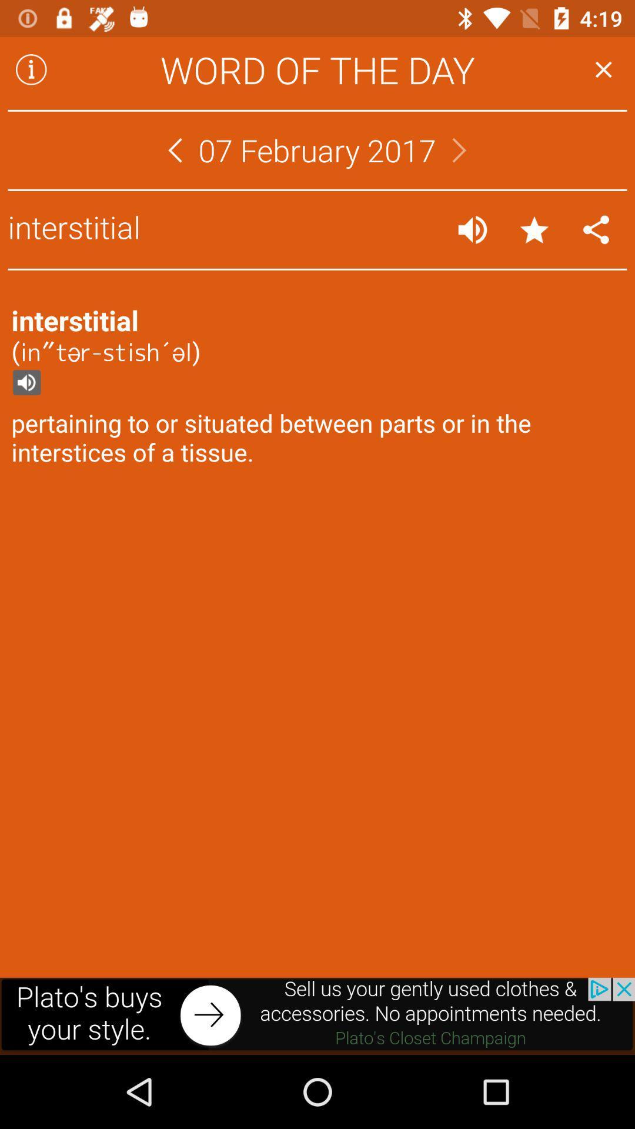  I want to click on move to different day, so click(175, 149).